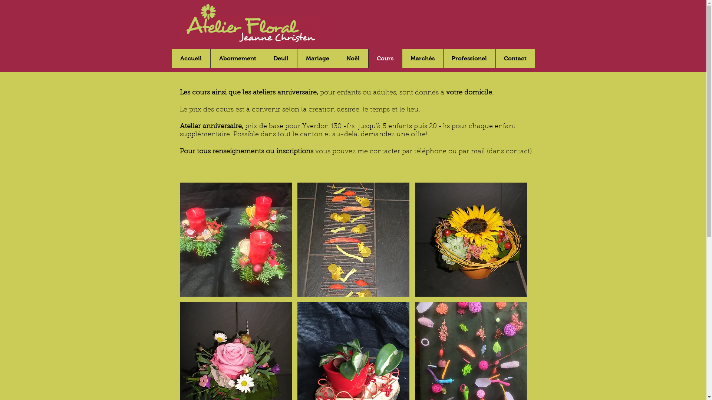 This screenshot has height=400, width=712. Describe the element at coordinates (468, 58) in the screenshot. I see `'Professionel'` at that location.